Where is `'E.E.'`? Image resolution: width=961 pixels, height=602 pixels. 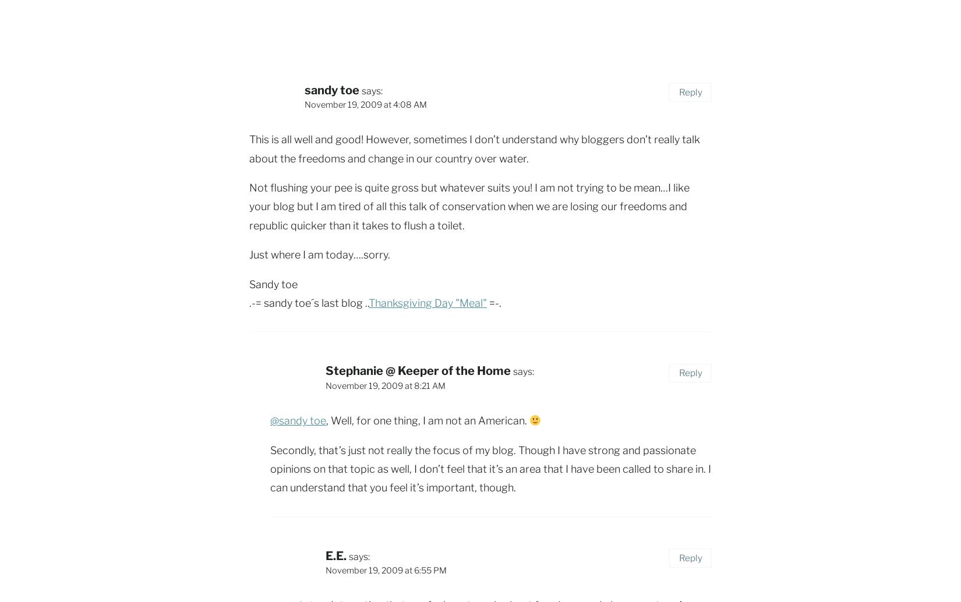 'E.E.' is located at coordinates (335, 554).